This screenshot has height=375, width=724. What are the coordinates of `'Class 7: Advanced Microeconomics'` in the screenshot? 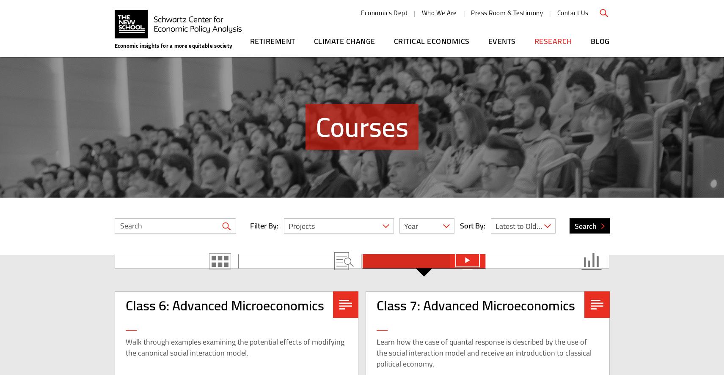 It's located at (476, 319).